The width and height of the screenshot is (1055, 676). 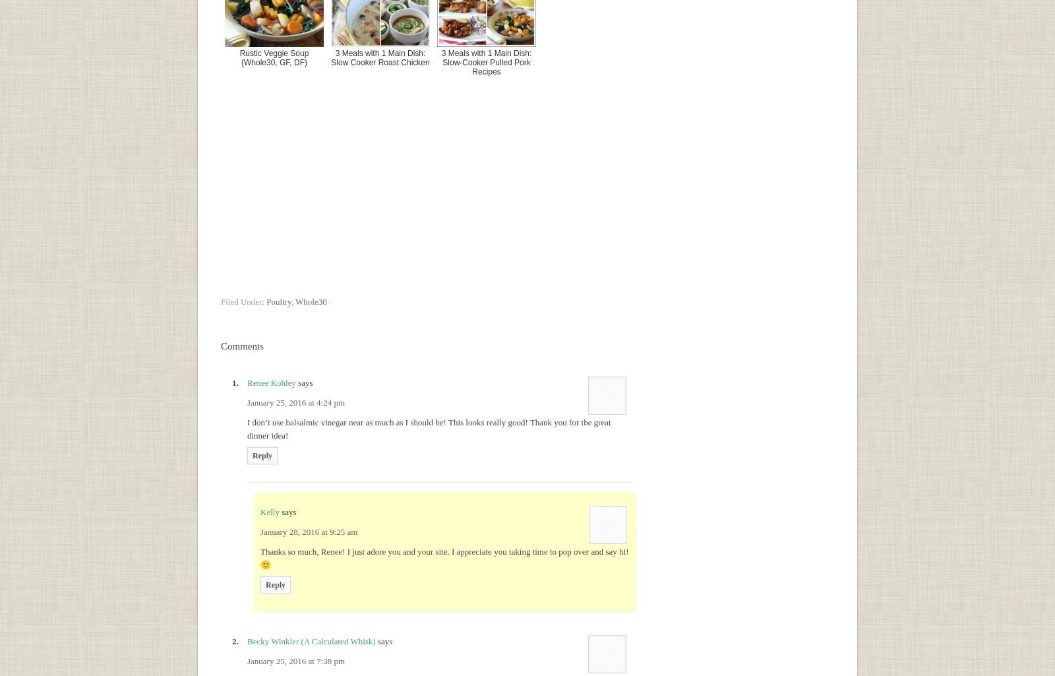 I want to click on 'I don’t use balsalmic vinegar near as much as  I should be! This looks really good! Thank you for the great dinner idea!', so click(x=429, y=428).